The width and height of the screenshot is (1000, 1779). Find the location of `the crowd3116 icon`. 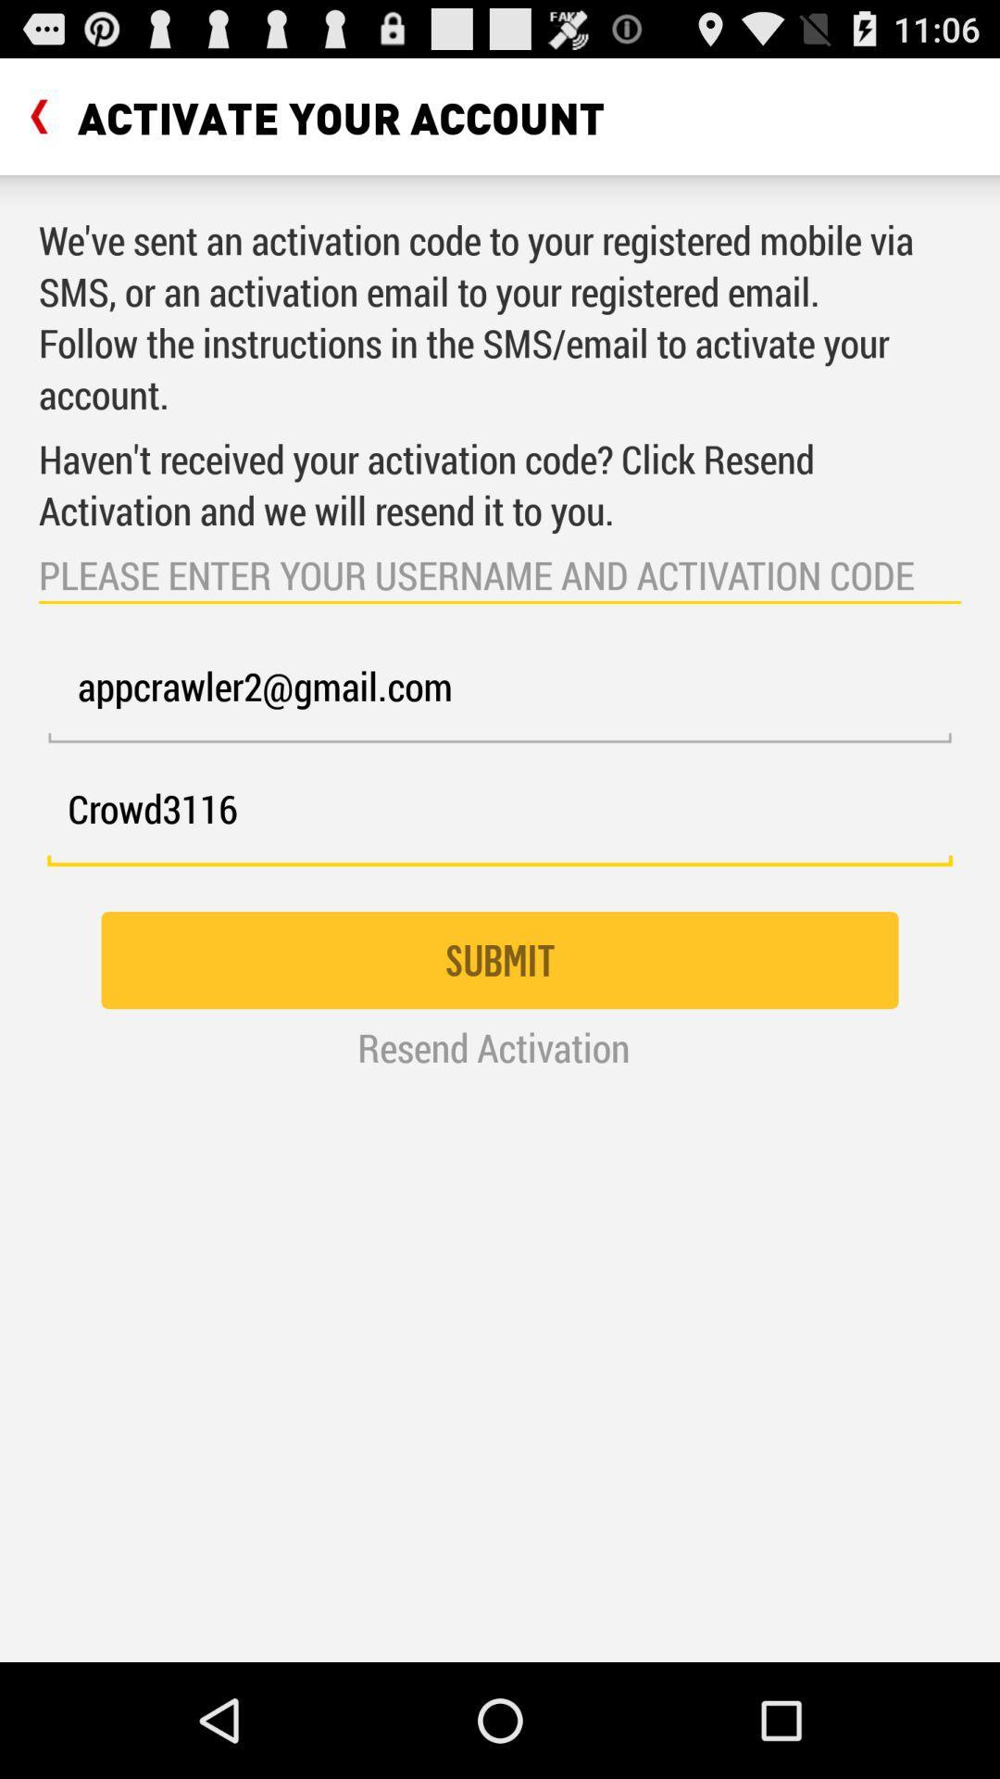

the crowd3116 icon is located at coordinates (500, 818).